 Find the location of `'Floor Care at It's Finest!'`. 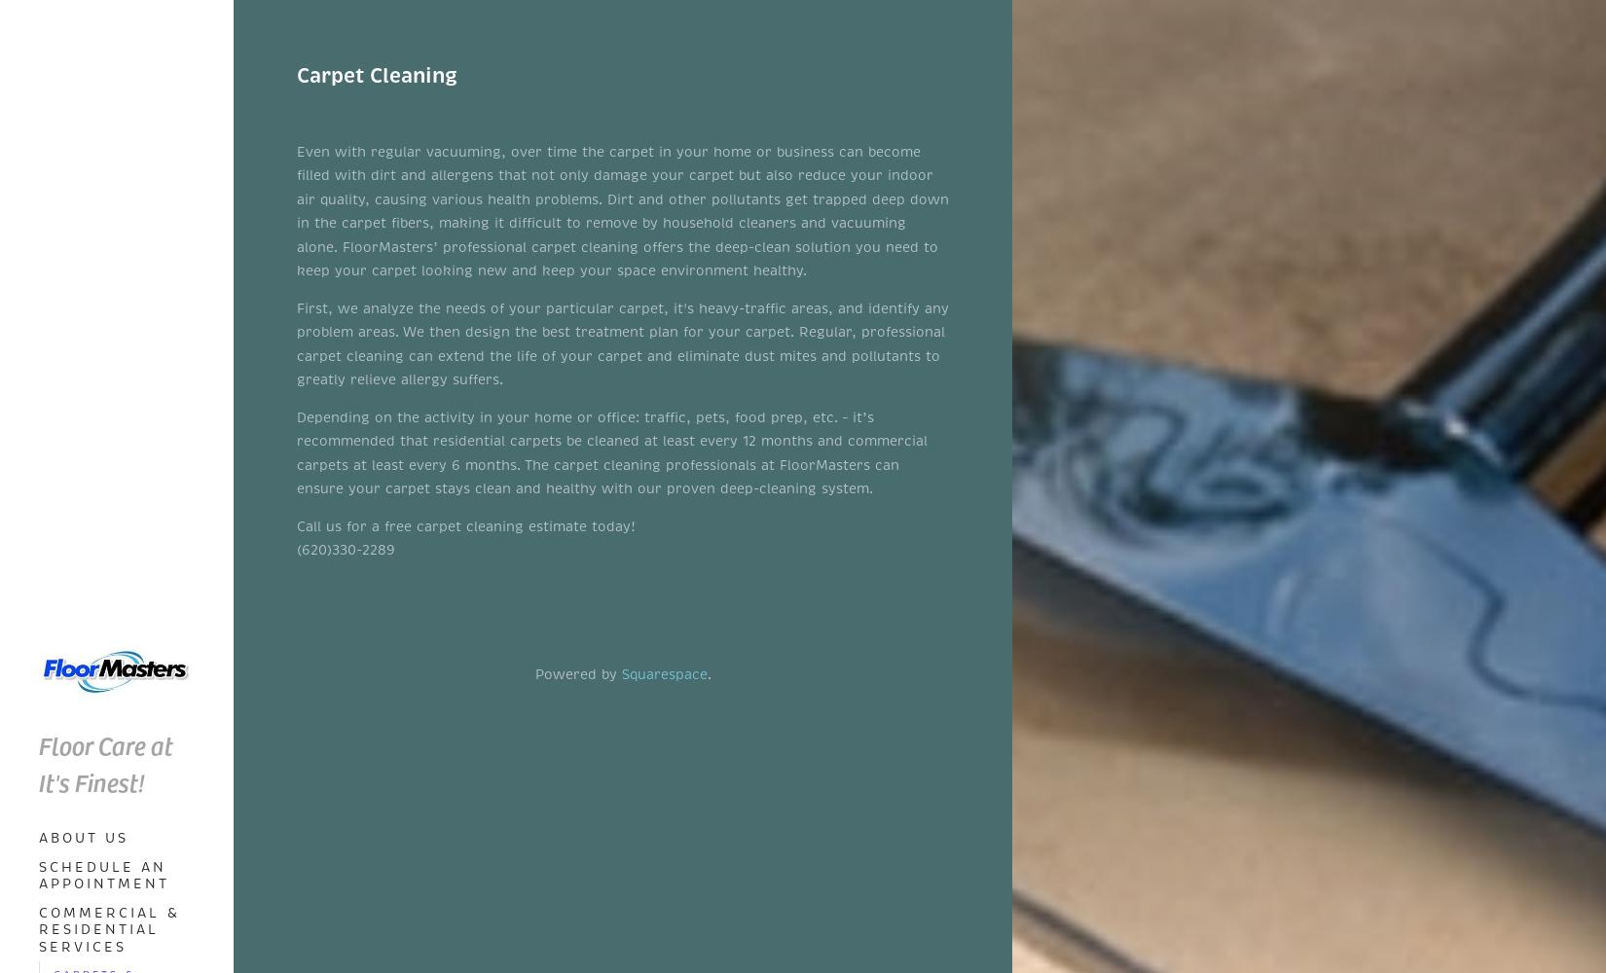

'Floor Care at It's Finest!' is located at coordinates (38, 763).